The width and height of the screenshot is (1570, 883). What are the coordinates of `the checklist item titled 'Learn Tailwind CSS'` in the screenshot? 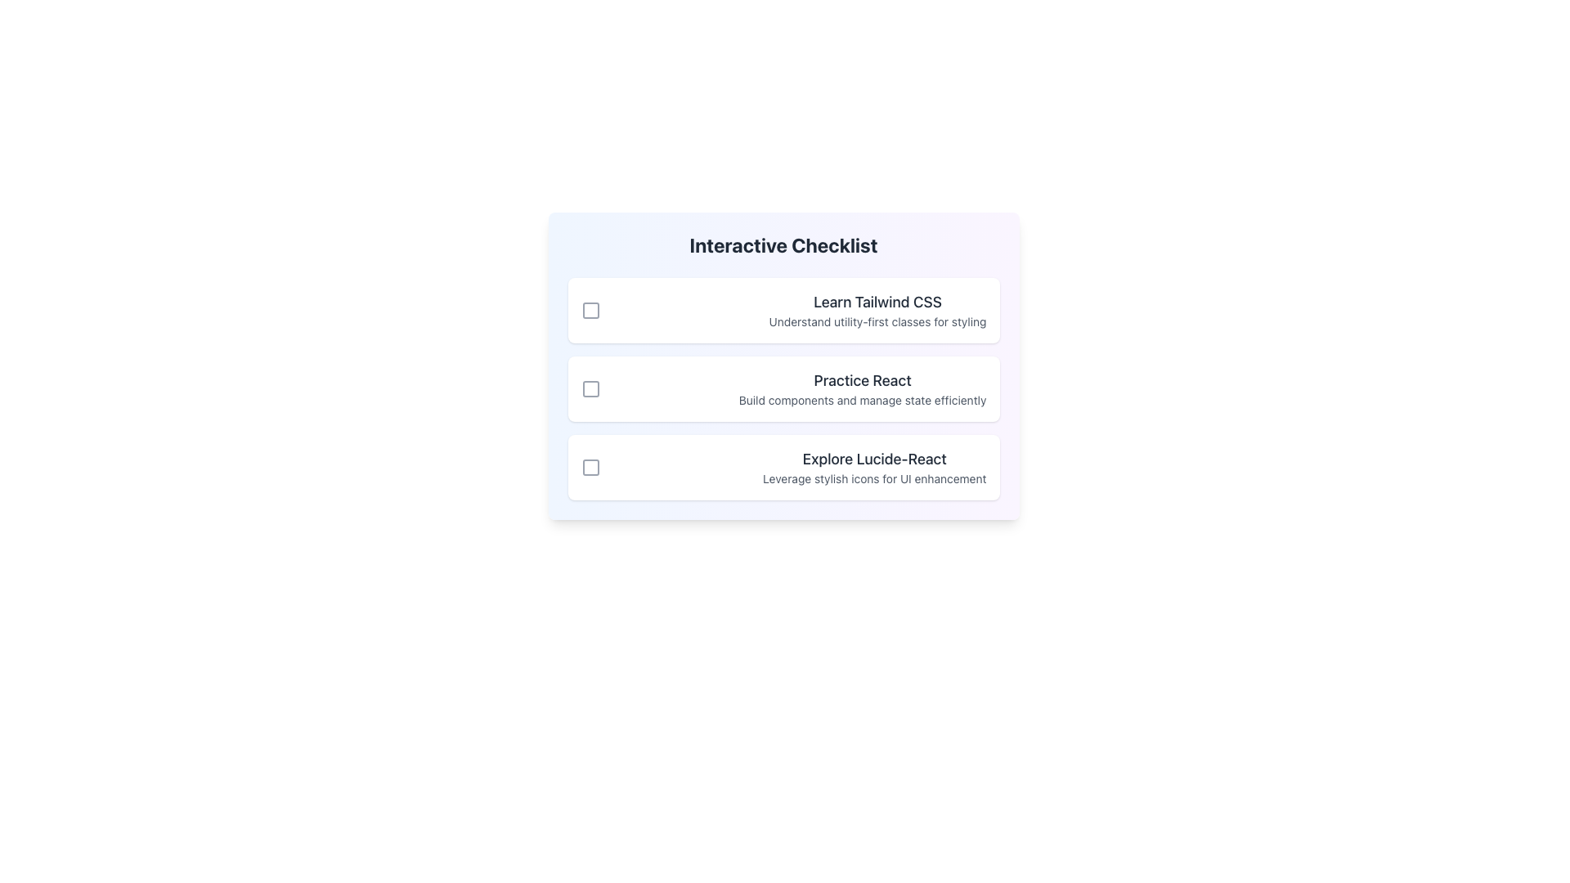 It's located at (783, 311).